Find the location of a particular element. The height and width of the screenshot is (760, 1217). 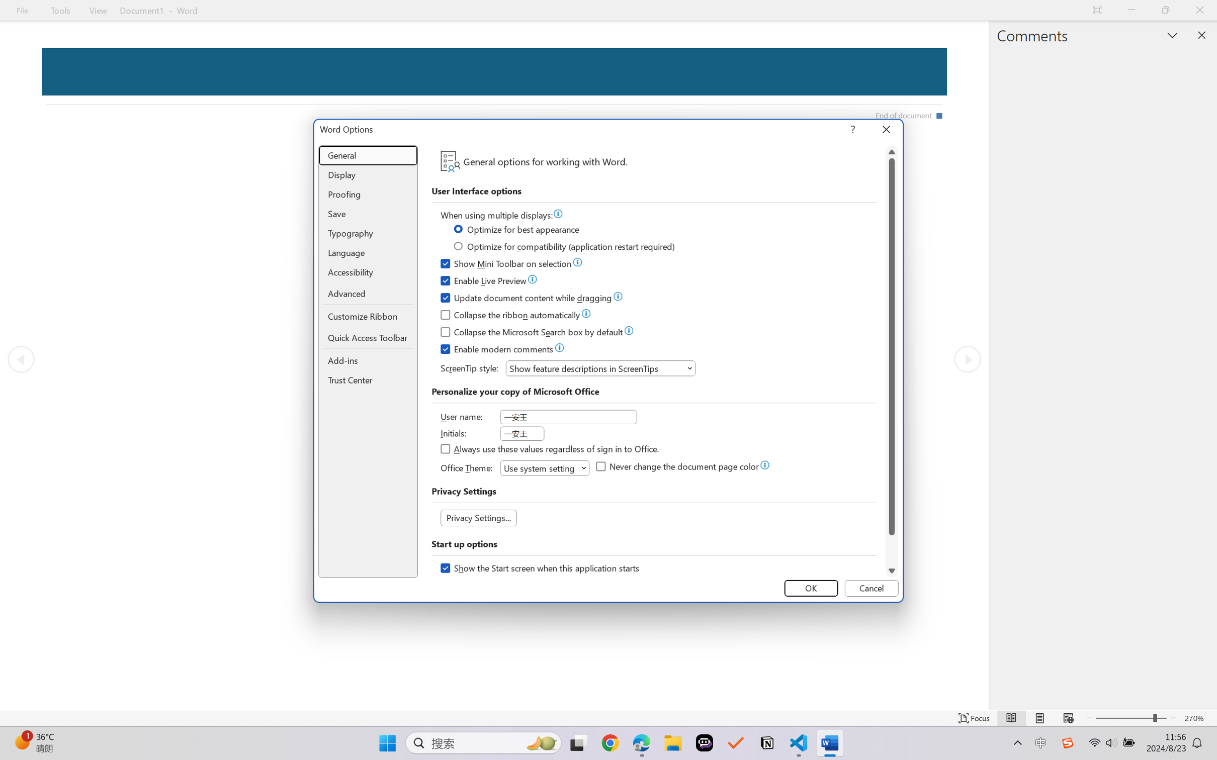

'Sign in - Google Accounts' is located at coordinates (76, 10).